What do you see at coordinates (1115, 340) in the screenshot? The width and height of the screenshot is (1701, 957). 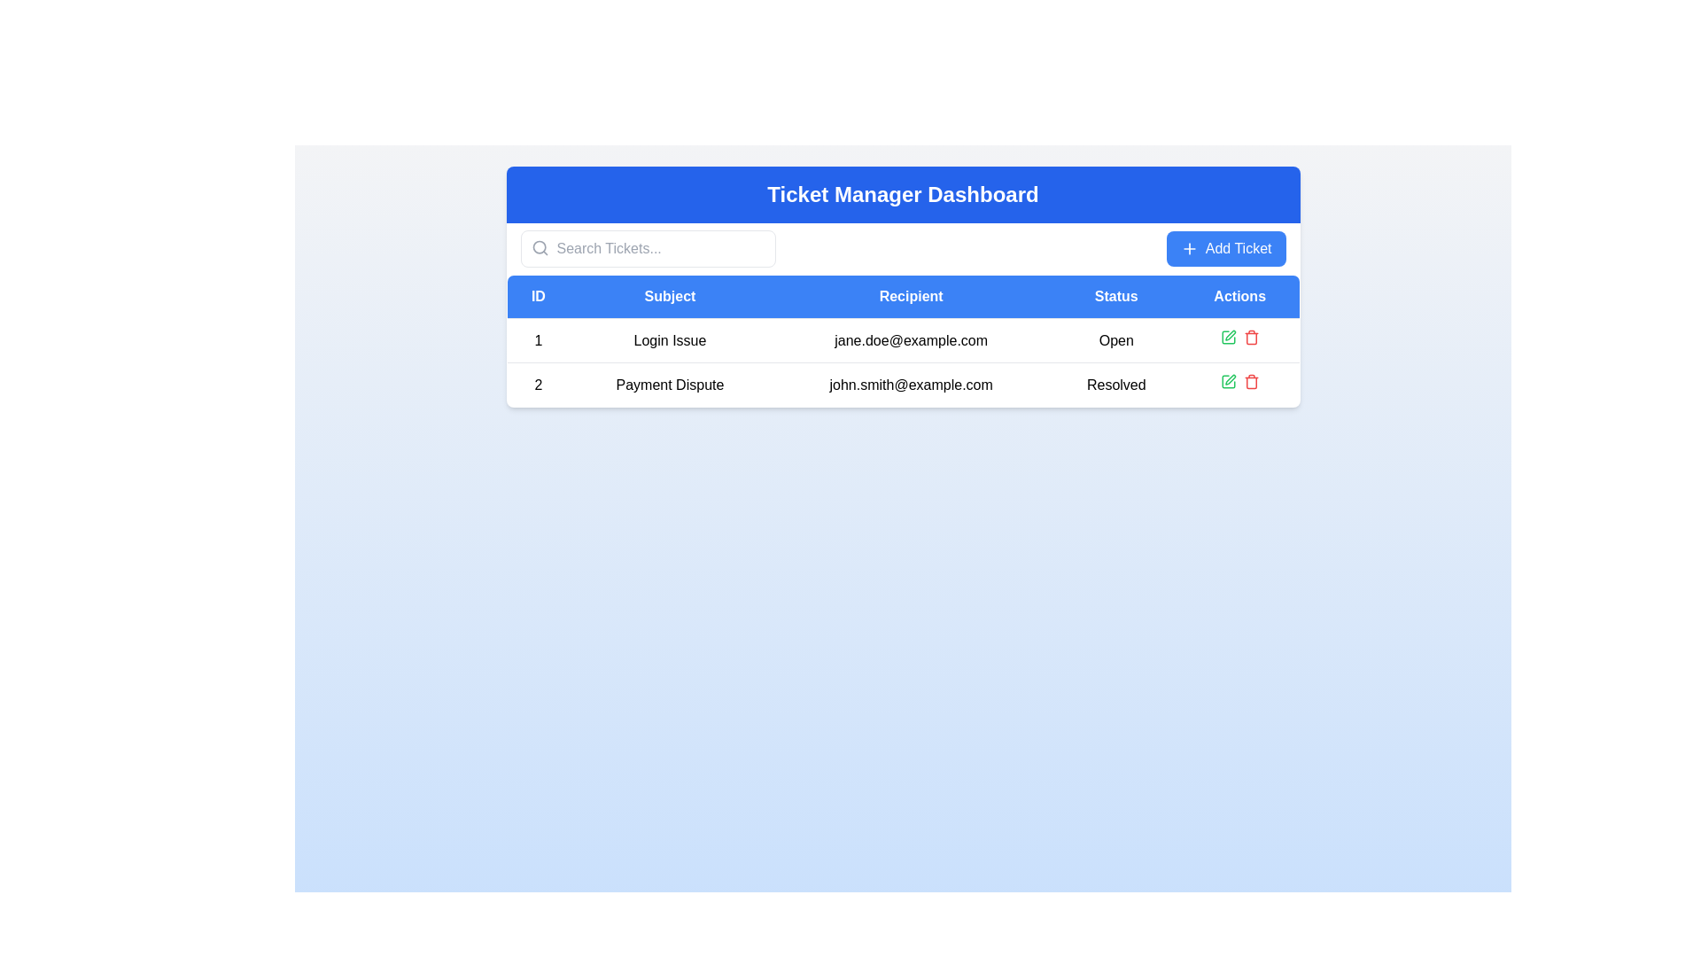 I see `the 'Open' text label located in the 'Status' column of the first row of the dashboard interface` at bounding box center [1115, 340].